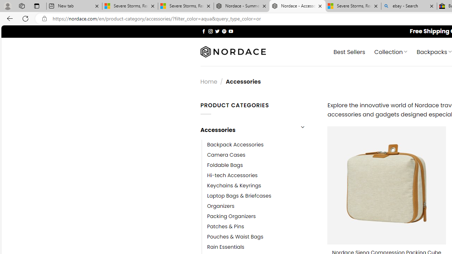  Describe the element at coordinates (232, 175) in the screenshot. I see `'Hi-tech Accessories'` at that location.